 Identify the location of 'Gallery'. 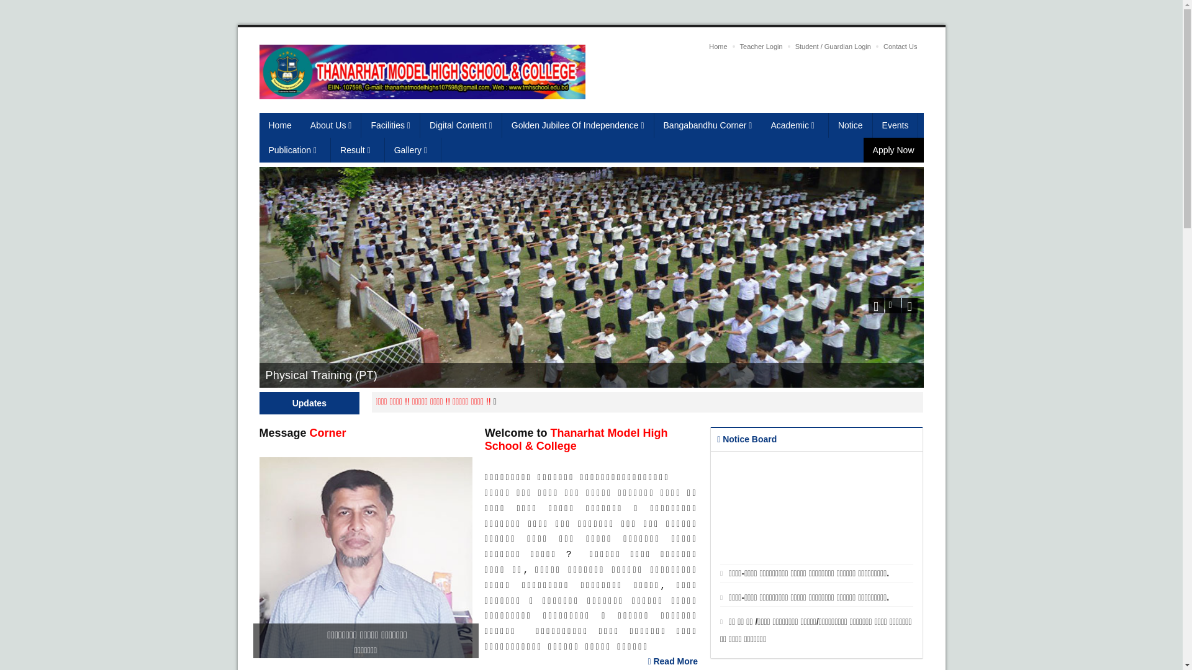
(413, 150).